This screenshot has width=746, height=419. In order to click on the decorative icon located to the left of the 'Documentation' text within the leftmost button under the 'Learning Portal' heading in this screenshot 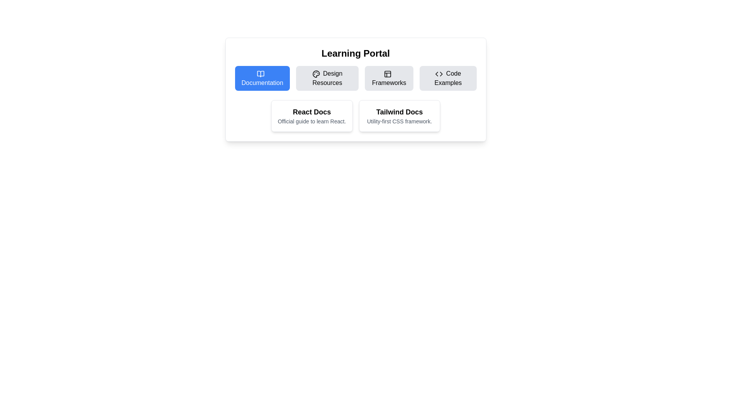, I will do `click(261, 74)`.